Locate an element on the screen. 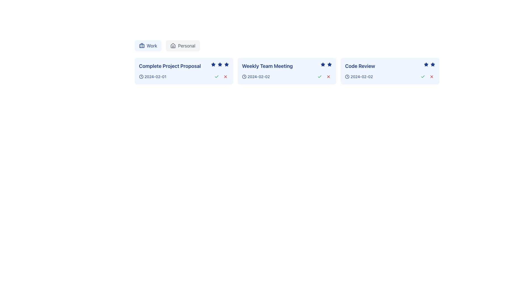 The width and height of the screenshot is (530, 298). the cancel icon button located in the lower right section of the 'Weekly Team Meeting' box is located at coordinates (328, 76).